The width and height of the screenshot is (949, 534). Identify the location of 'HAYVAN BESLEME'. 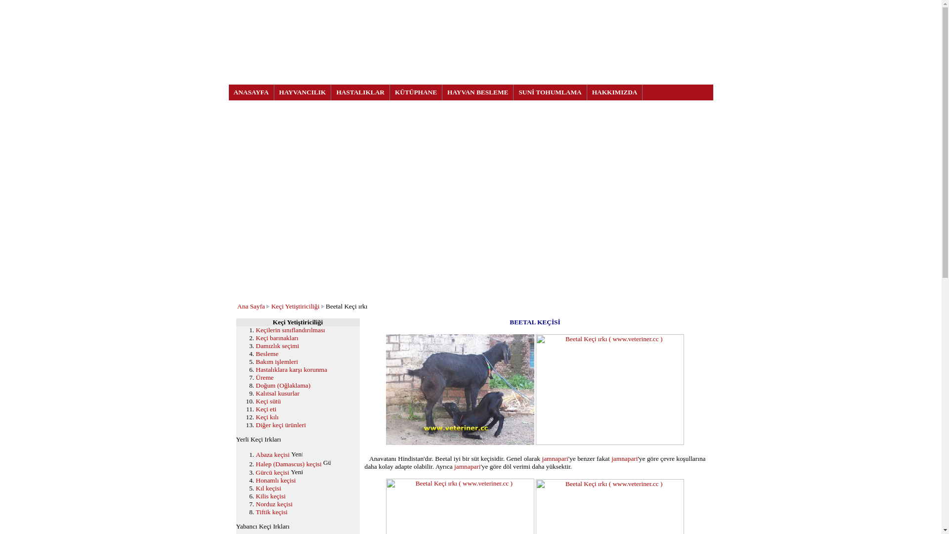
(477, 92).